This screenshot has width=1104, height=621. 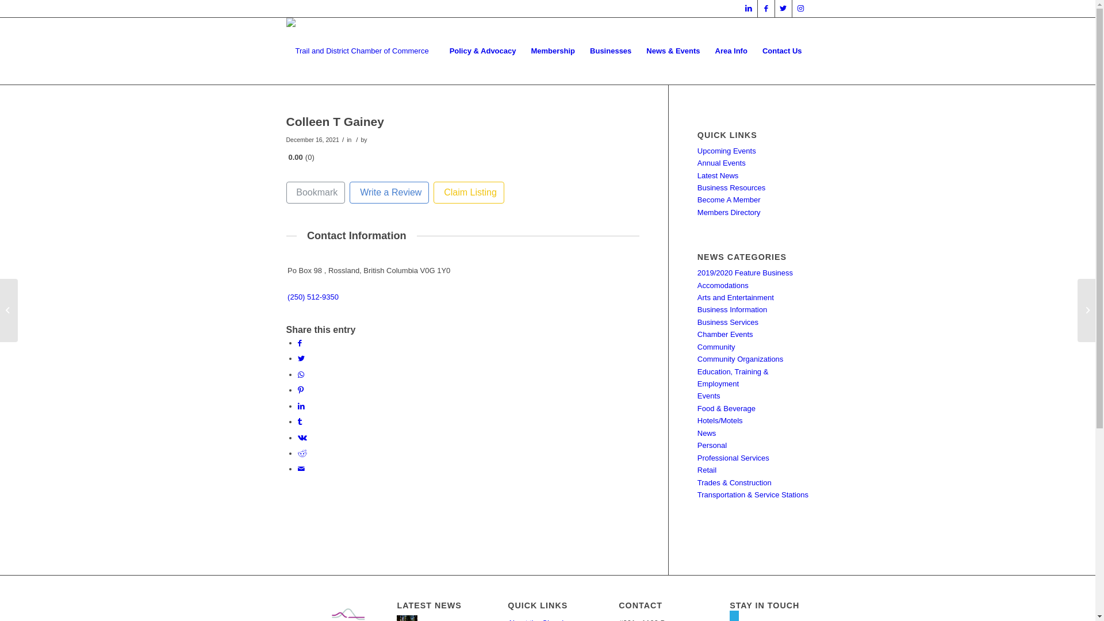 I want to click on 'Facebook', so click(x=766, y=9).